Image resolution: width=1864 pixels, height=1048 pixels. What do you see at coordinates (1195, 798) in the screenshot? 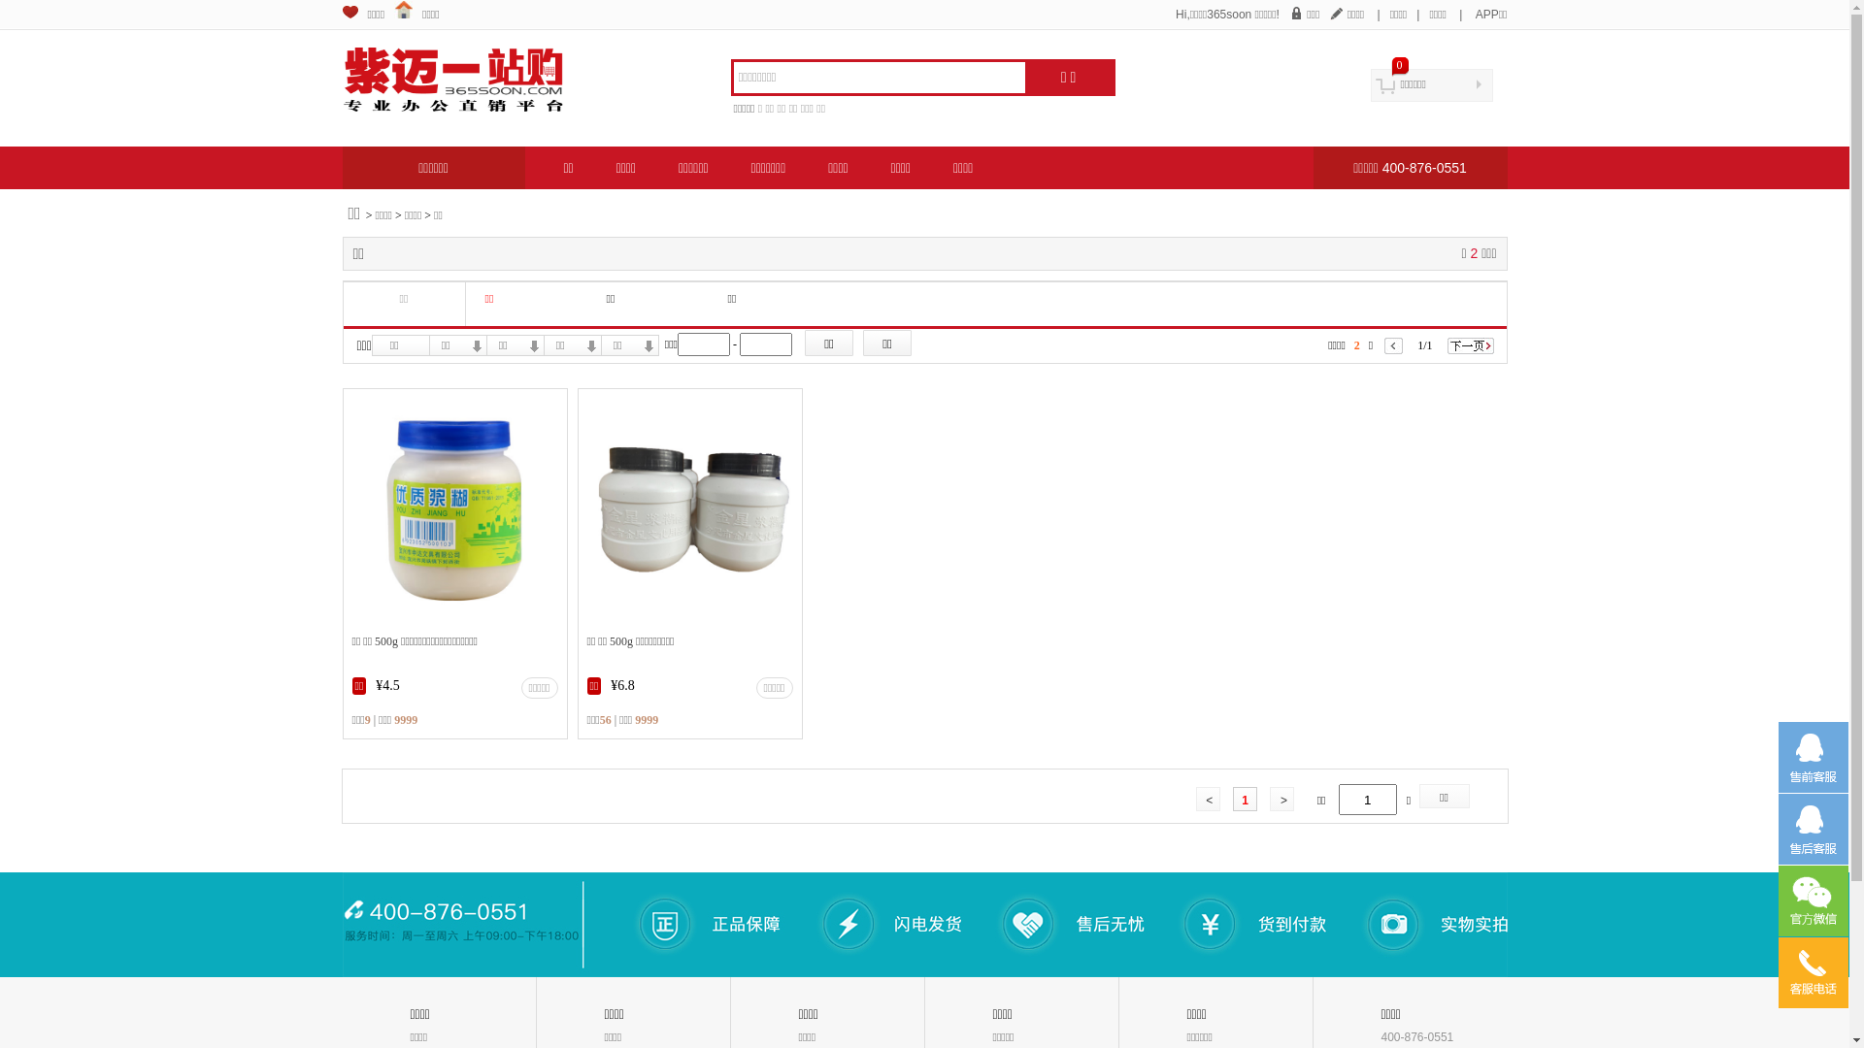
I see `' <'` at bounding box center [1195, 798].